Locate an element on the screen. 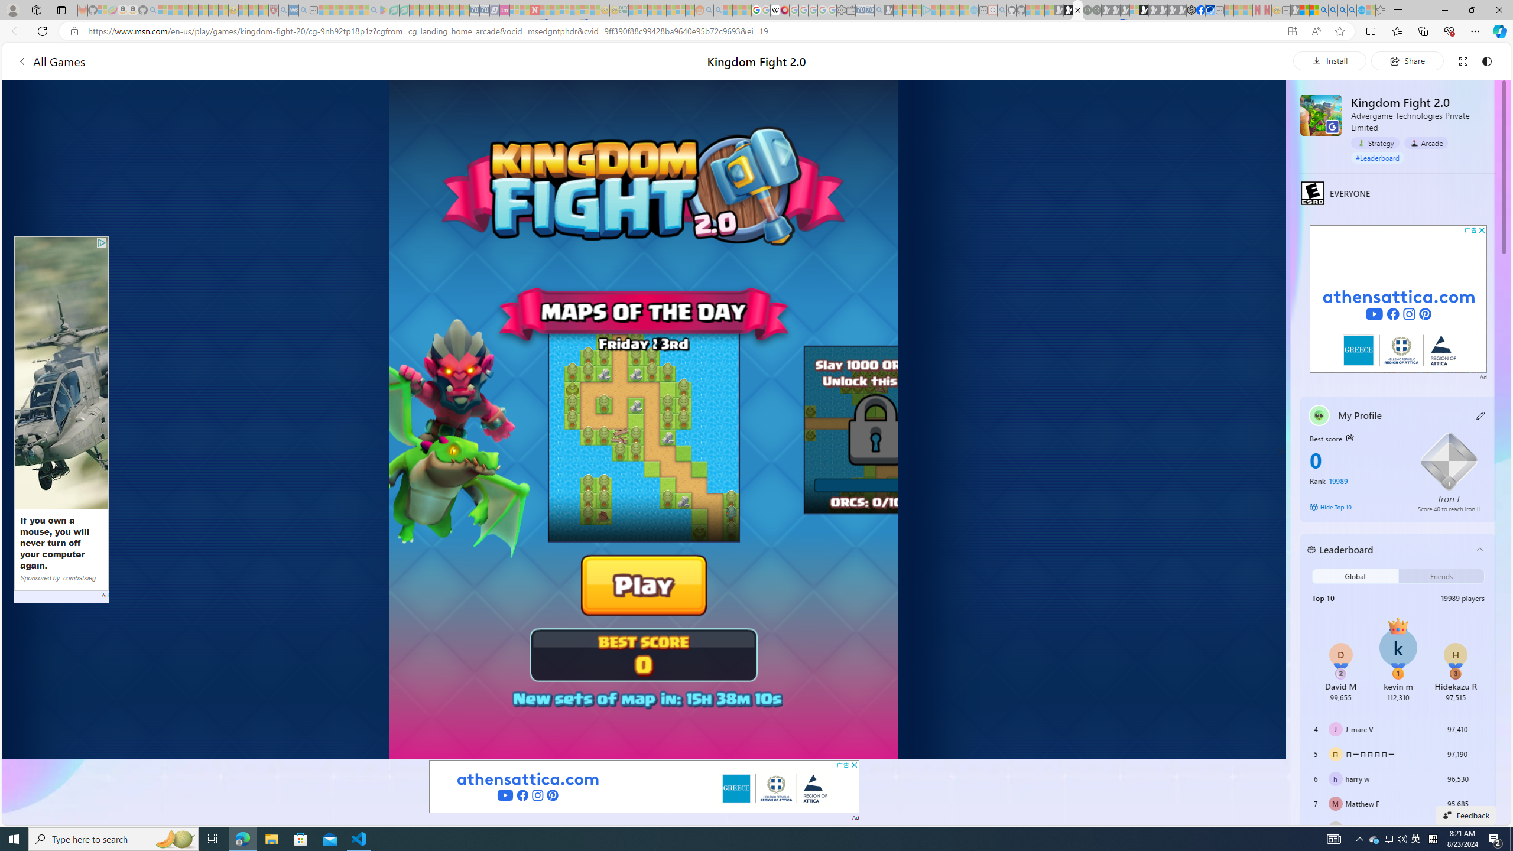 The height and width of the screenshot is (851, 1513). 'Kinda Frugal - MSN - Sleeping' is located at coordinates (670, 9).